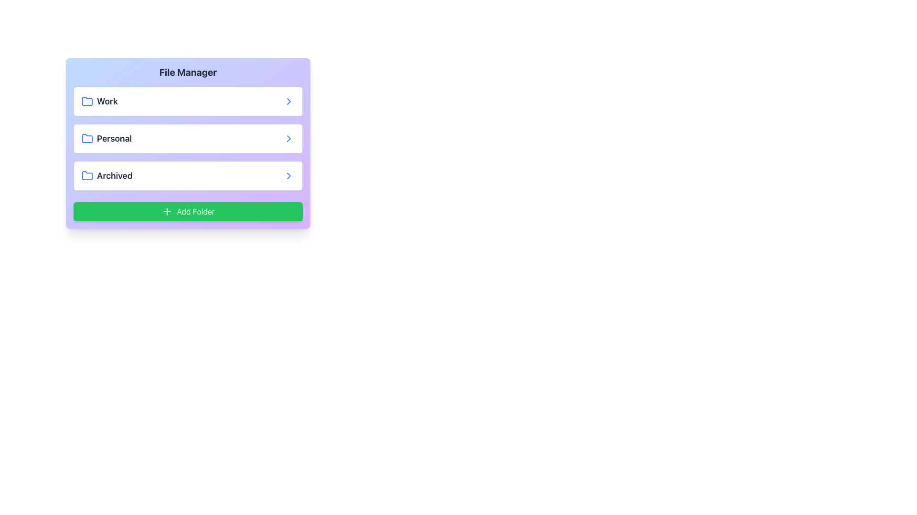  I want to click on the 'Personal' Text Label with Icon located in the second row of the 'File Manager' interface, so click(107, 138).